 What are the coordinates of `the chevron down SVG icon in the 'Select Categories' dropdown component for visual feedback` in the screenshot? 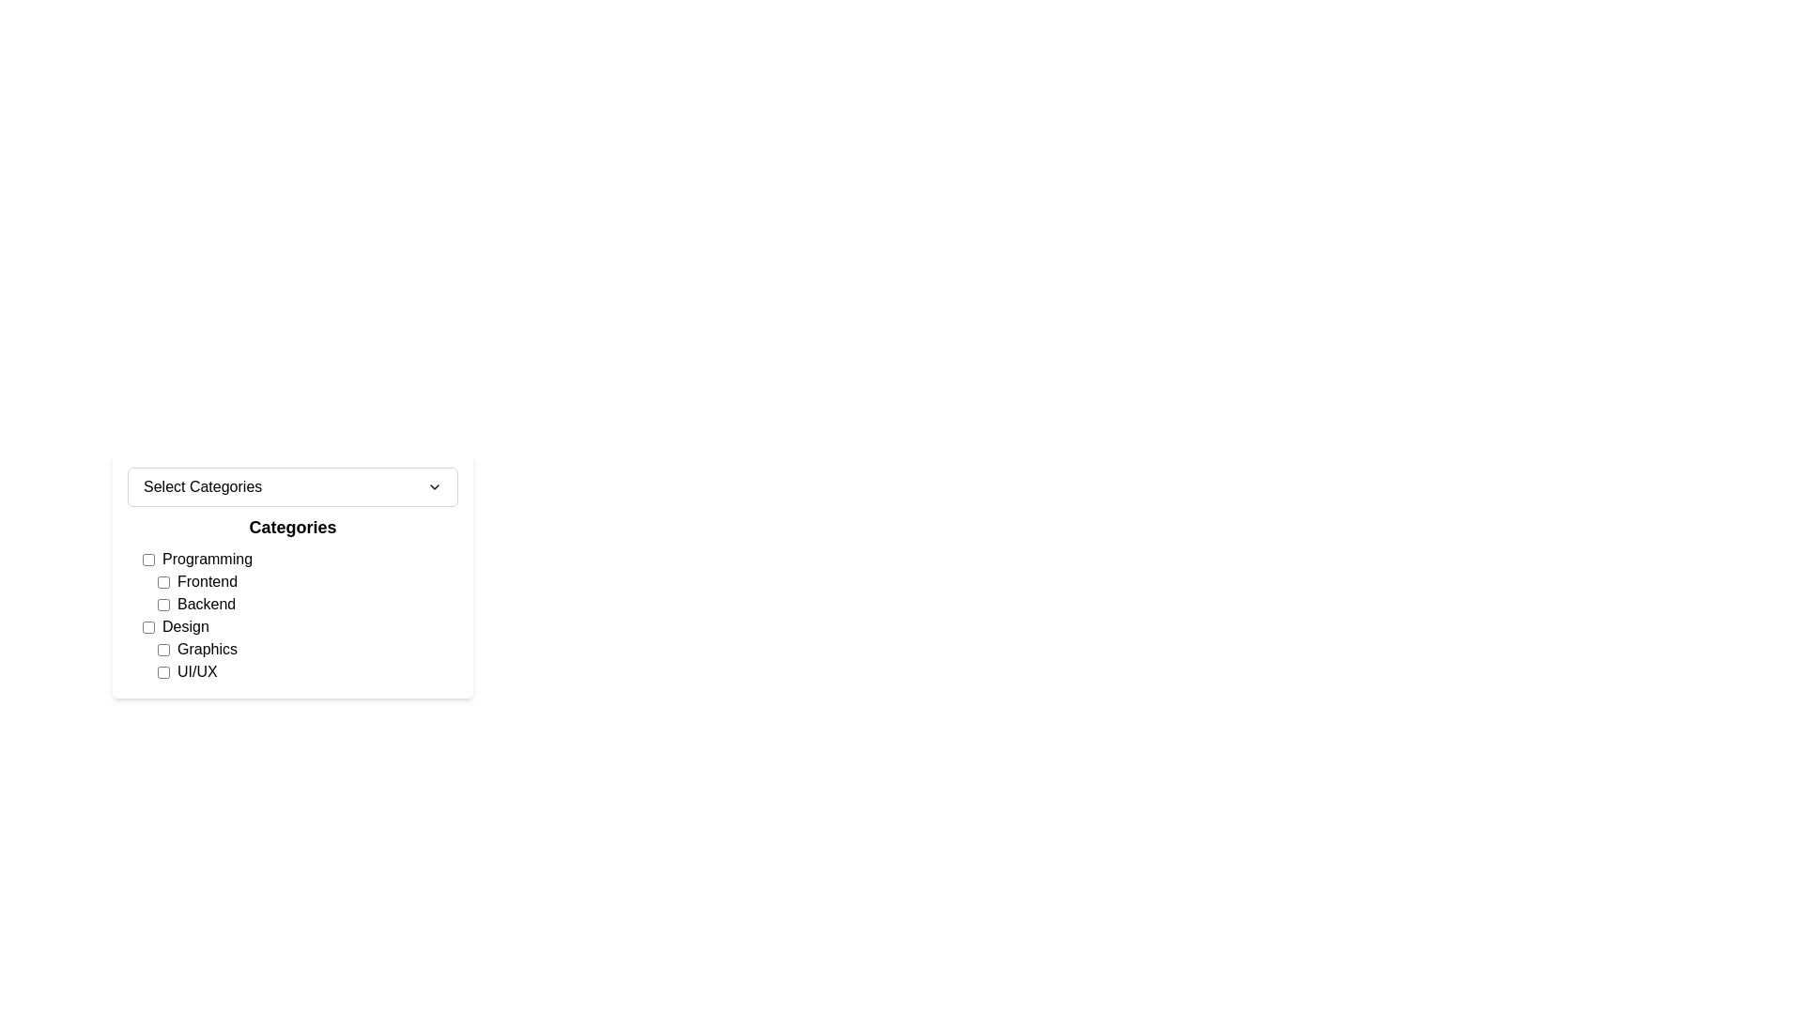 It's located at (433, 486).